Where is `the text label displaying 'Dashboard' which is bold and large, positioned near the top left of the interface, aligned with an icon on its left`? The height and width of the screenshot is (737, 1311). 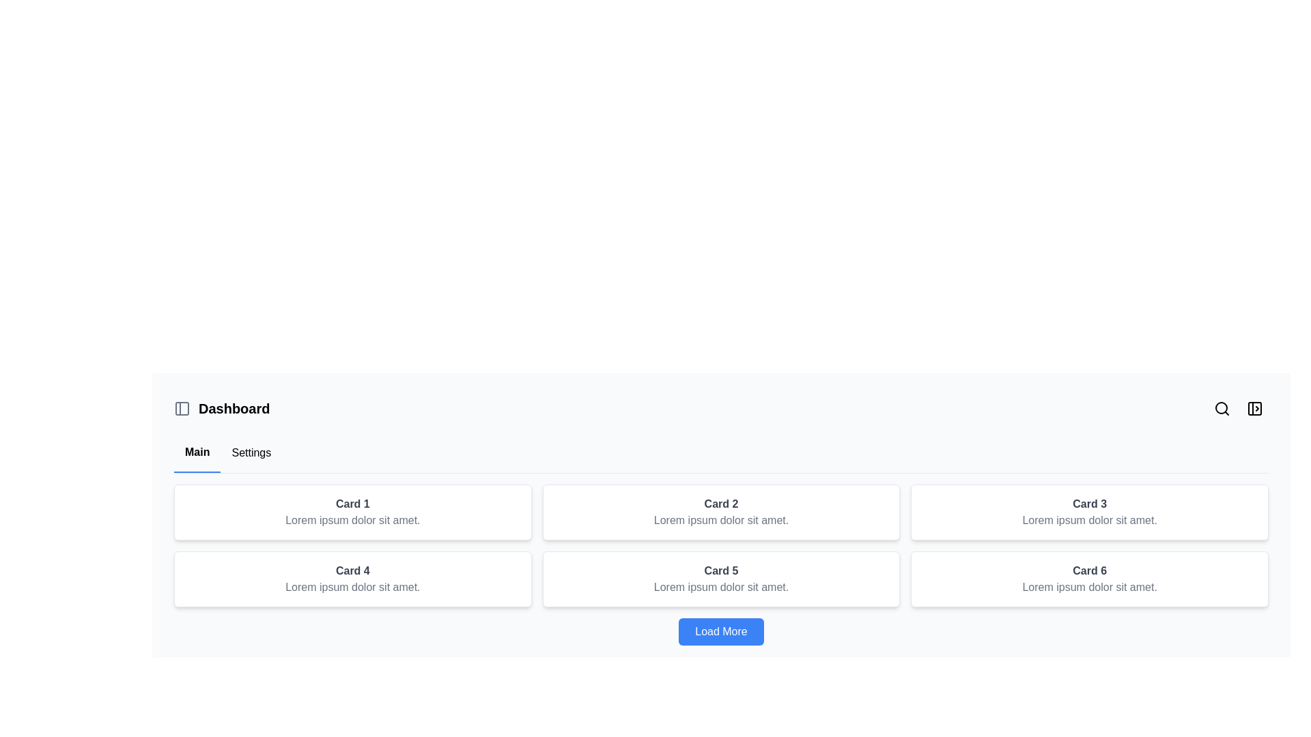 the text label displaying 'Dashboard' which is bold and large, positioned near the top left of the interface, aligned with an icon on its left is located at coordinates (234, 407).